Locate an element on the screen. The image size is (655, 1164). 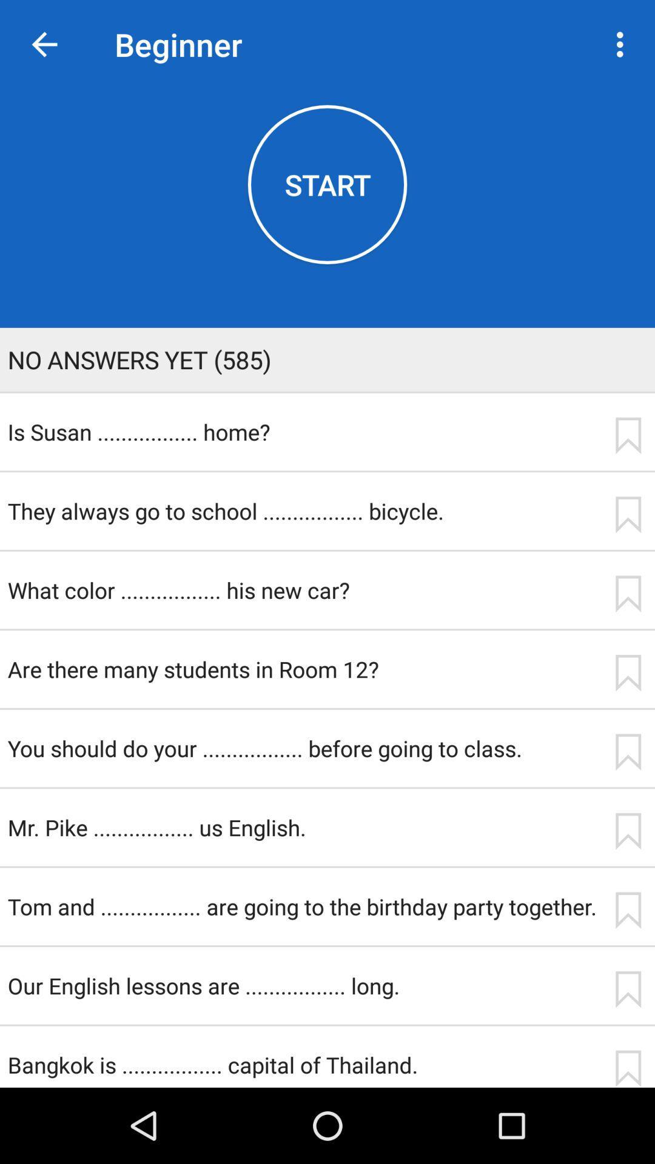
save is located at coordinates (628, 672).